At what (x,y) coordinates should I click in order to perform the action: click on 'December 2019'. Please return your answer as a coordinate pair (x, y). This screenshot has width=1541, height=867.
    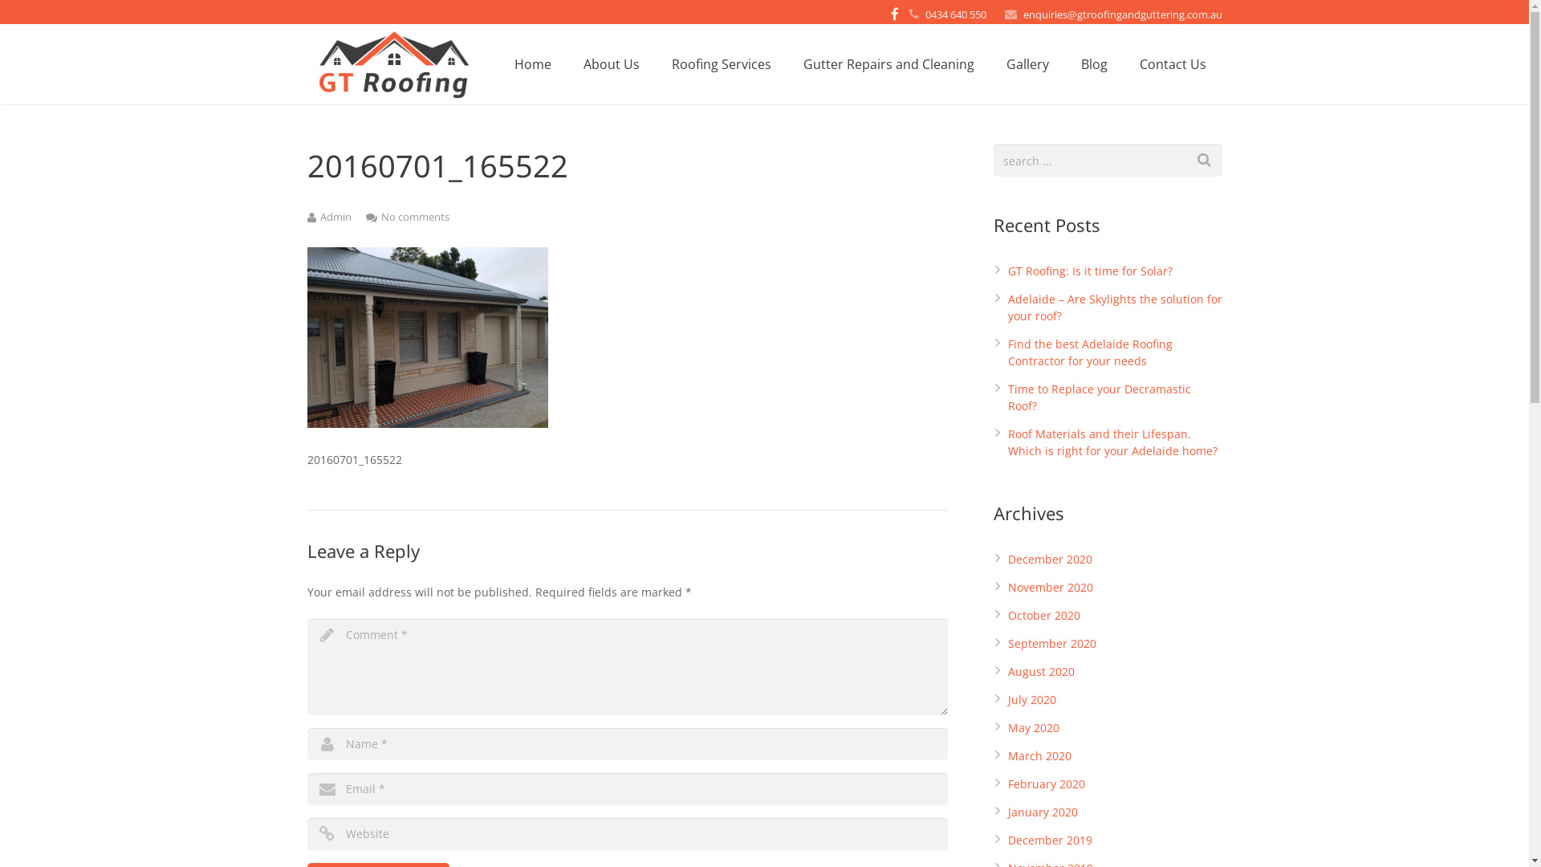
    Looking at the image, I should click on (1050, 839).